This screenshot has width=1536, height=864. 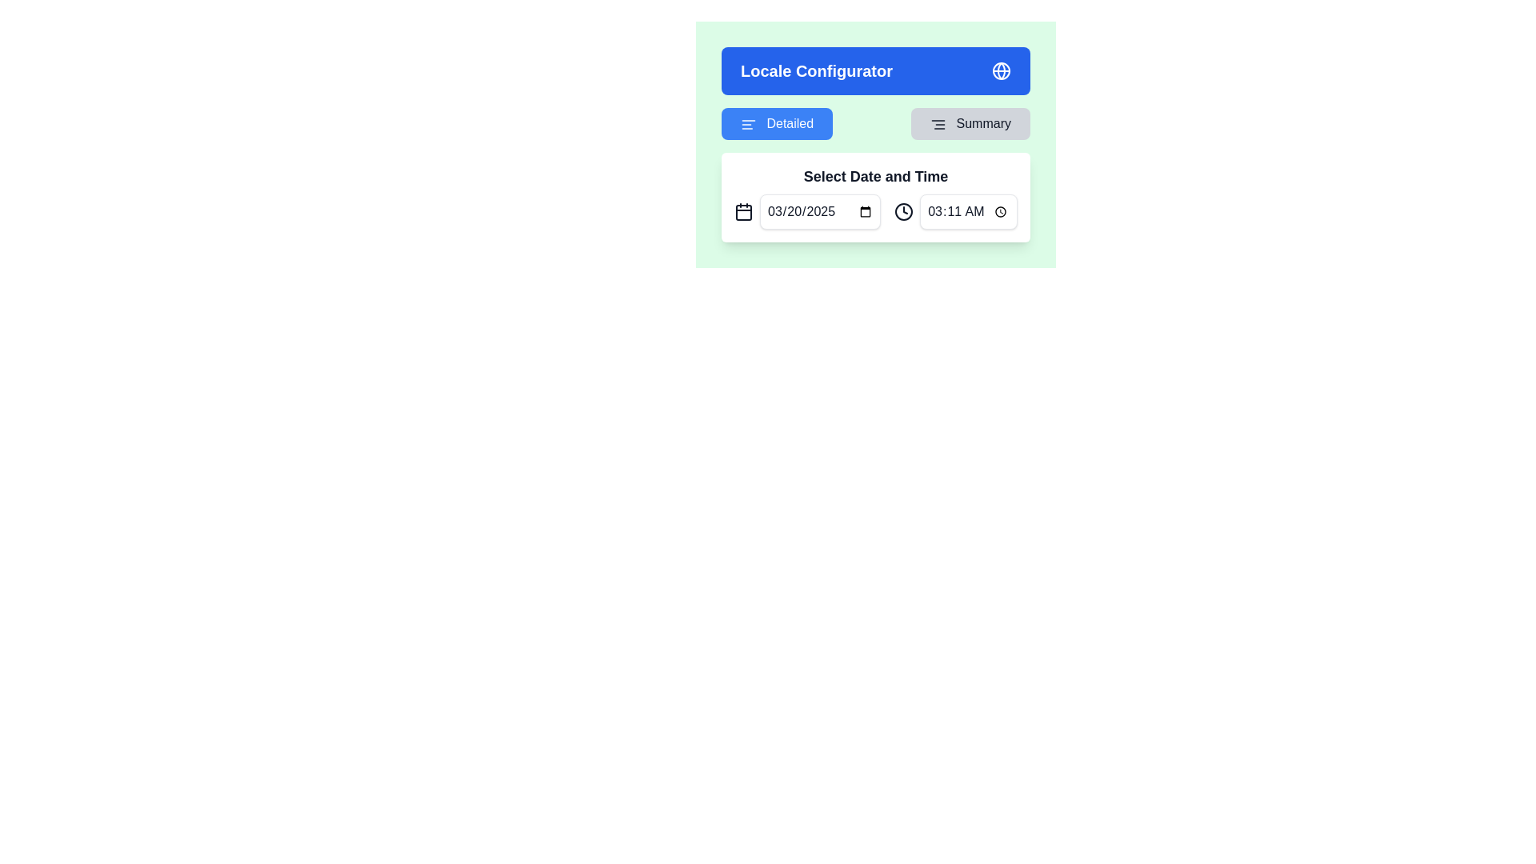 I want to click on the 'Summary' button, so click(x=970, y=122).